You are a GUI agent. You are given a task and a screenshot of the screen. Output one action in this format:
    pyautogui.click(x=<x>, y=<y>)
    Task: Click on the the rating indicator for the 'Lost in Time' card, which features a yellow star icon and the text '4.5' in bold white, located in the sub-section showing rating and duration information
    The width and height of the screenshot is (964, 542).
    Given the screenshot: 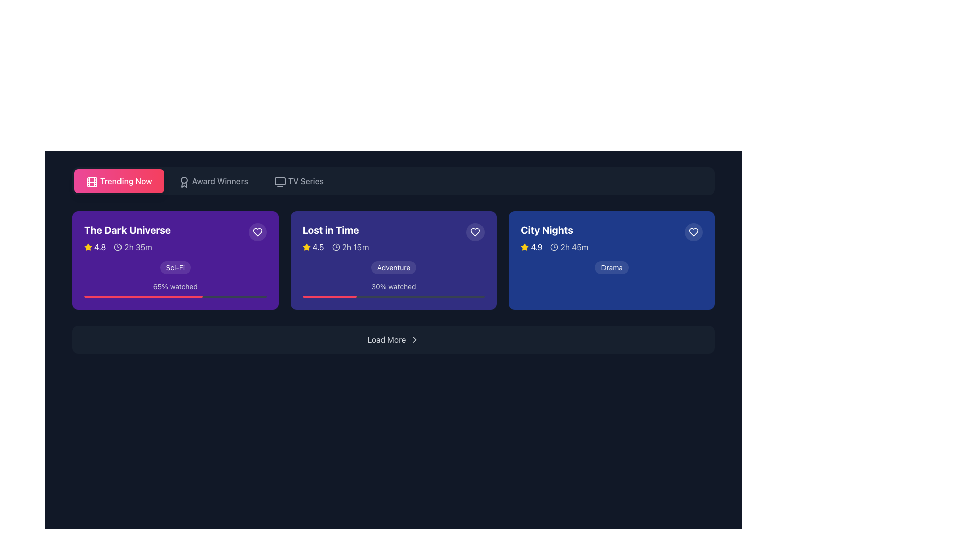 What is the action you would take?
    pyautogui.click(x=313, y=247)
    